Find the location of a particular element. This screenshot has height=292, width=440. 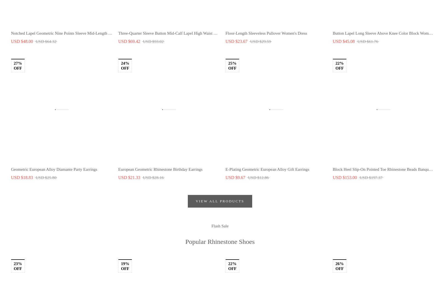

'RETURN POLICY' is located at coordinates (29, 147).